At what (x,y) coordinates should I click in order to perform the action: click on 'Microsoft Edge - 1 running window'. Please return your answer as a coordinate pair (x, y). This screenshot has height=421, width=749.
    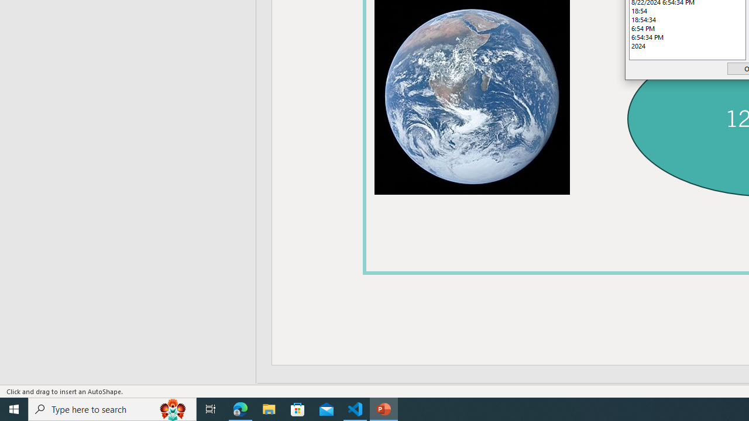
    Looking at the image, I should click on (240, 408).